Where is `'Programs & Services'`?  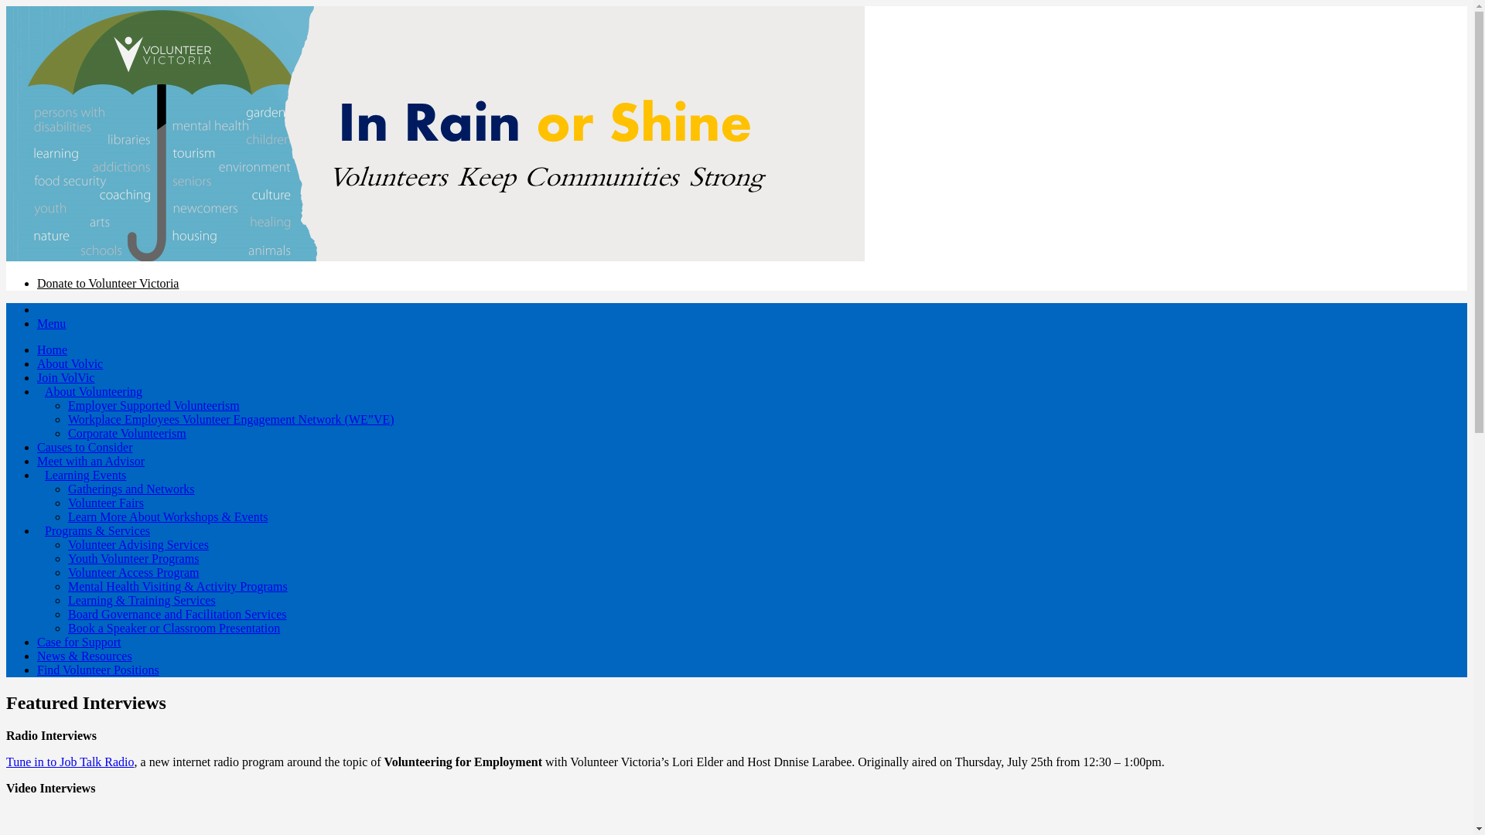
'Programs & Services' is located at coordinates (96, 530).